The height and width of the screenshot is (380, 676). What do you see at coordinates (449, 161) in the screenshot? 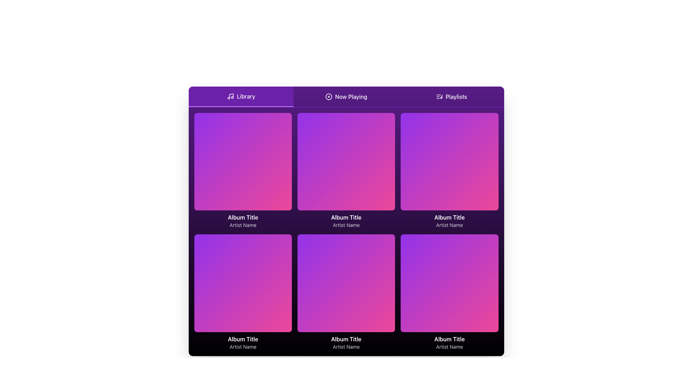
I see `the album cover visual representation located in the top-right corner of the grid layout` at bounding box center [449, 161].